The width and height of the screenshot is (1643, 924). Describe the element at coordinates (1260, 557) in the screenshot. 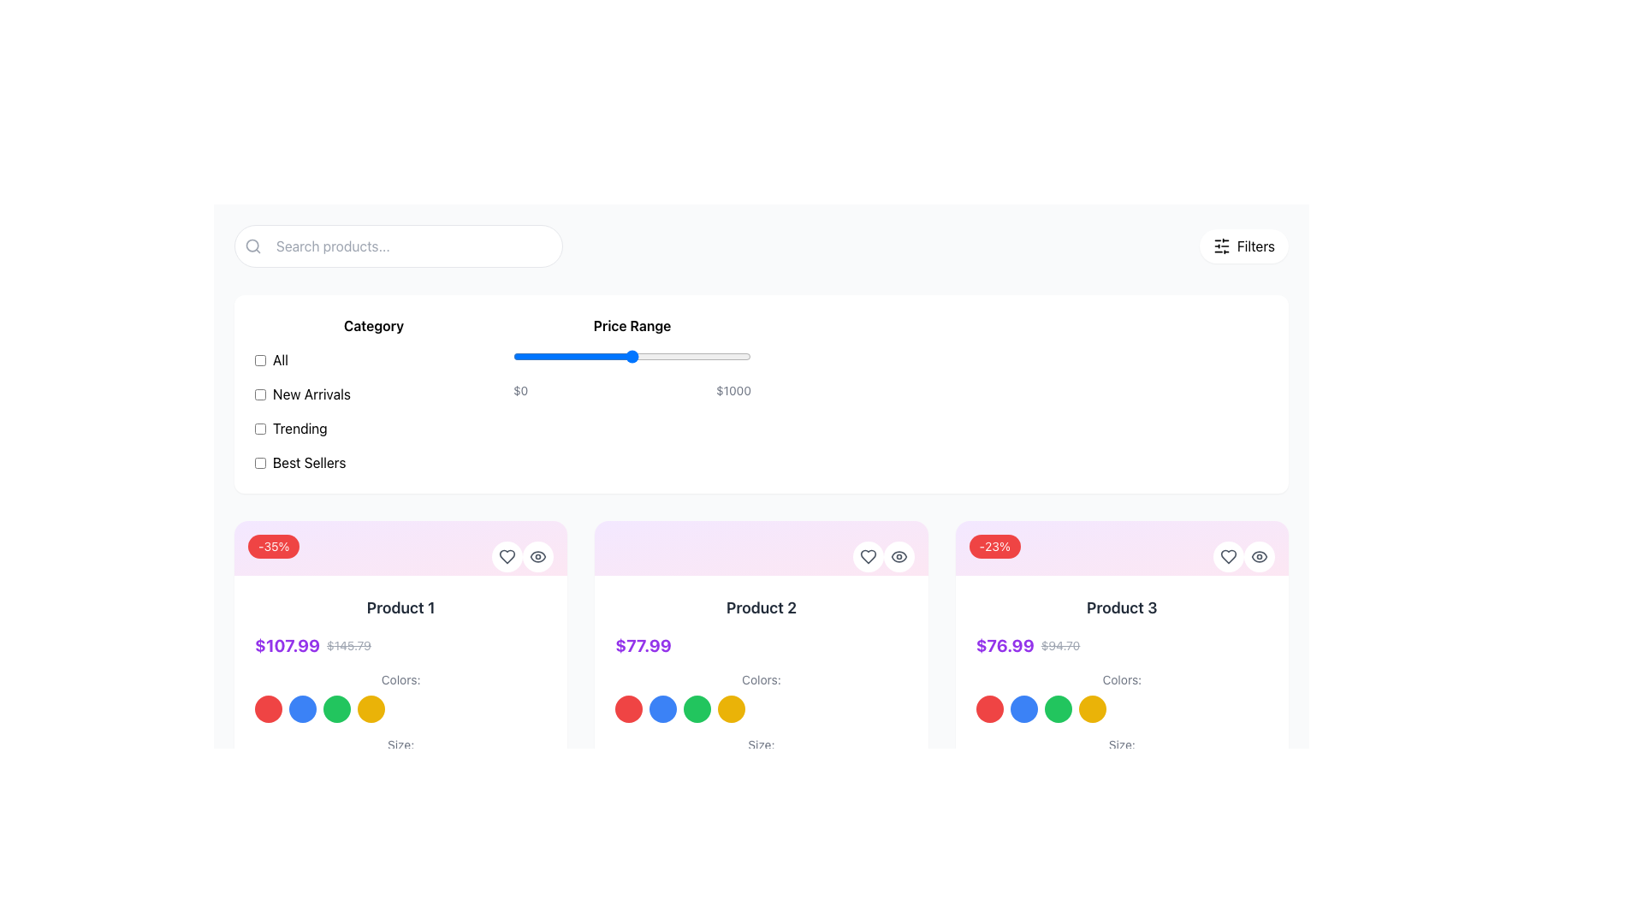

I see `the circular button with a white background and eye icon located in the top-right corner of the product card for 'Product 3'` at that location.